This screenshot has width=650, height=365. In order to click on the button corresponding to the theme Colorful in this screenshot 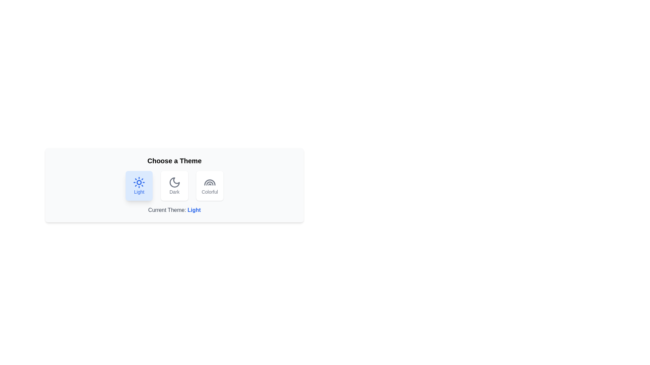, I will do `click(209, 186)`.